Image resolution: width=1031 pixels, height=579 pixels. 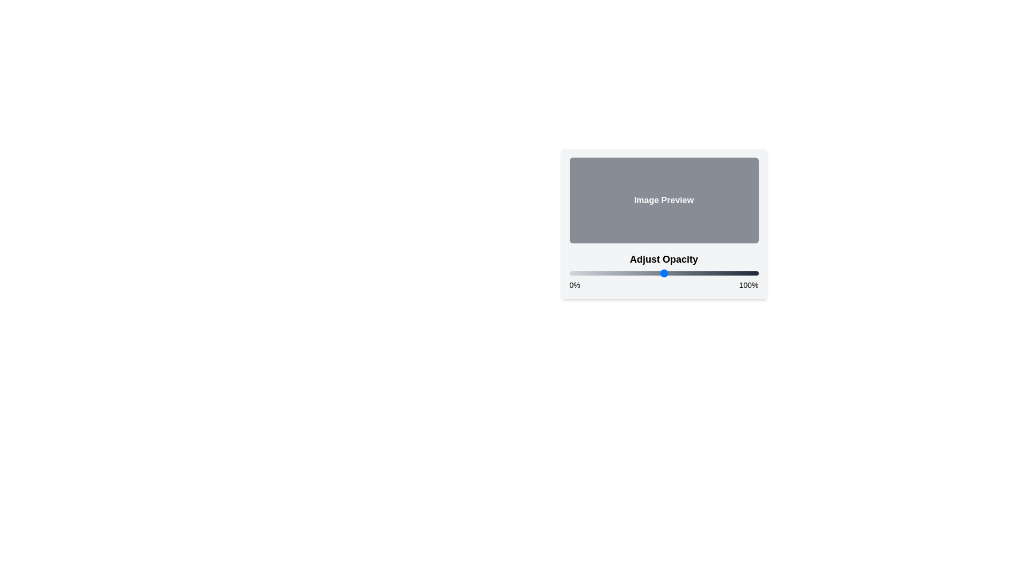 I want to click on the opacity, so click(x=669, y=272).